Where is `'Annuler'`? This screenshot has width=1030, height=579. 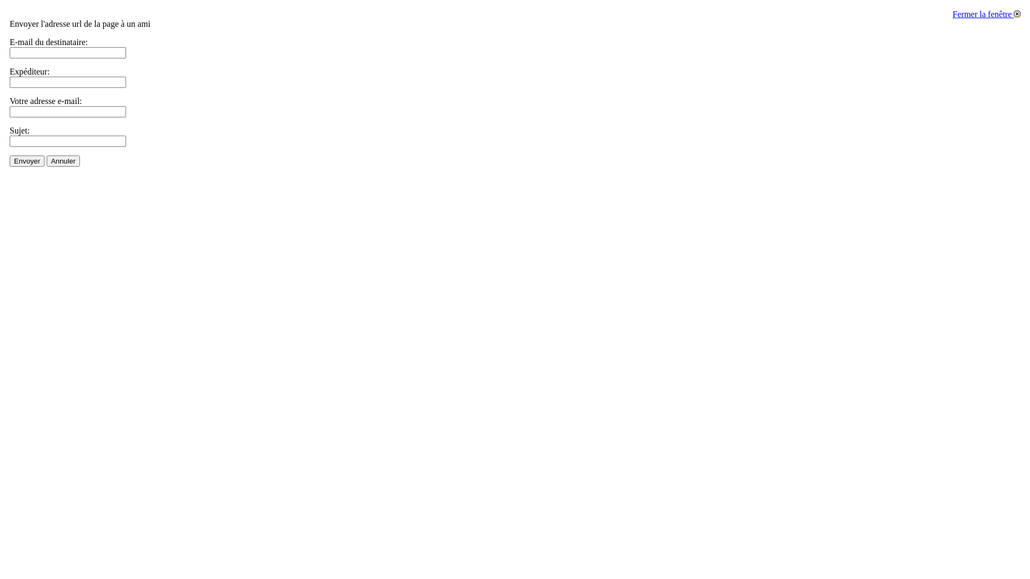 'Annuler' is located at coordinates (46, 161).